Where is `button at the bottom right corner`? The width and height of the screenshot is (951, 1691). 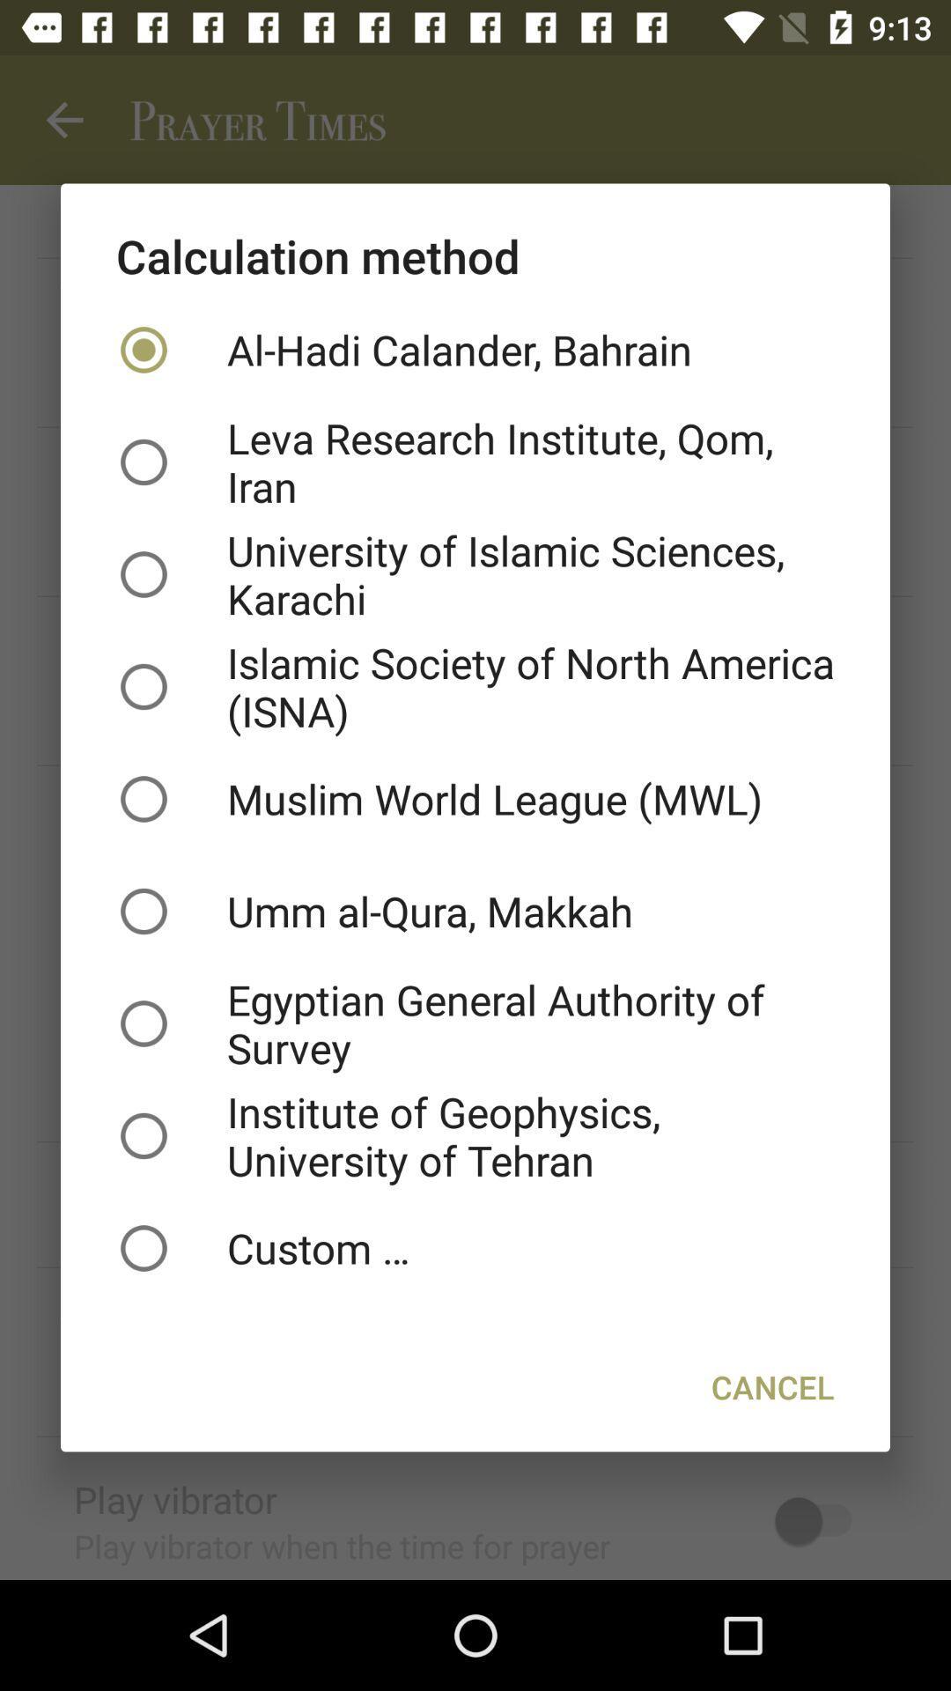 button at the bottom right corner is located at coordinates (771, 1385).